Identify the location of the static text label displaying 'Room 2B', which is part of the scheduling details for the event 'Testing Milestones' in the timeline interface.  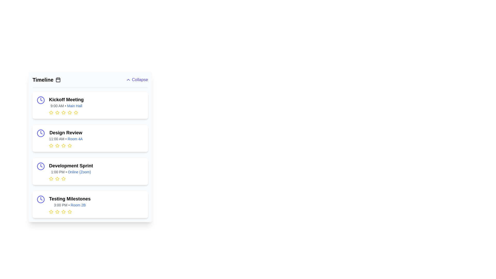
(78, 205).